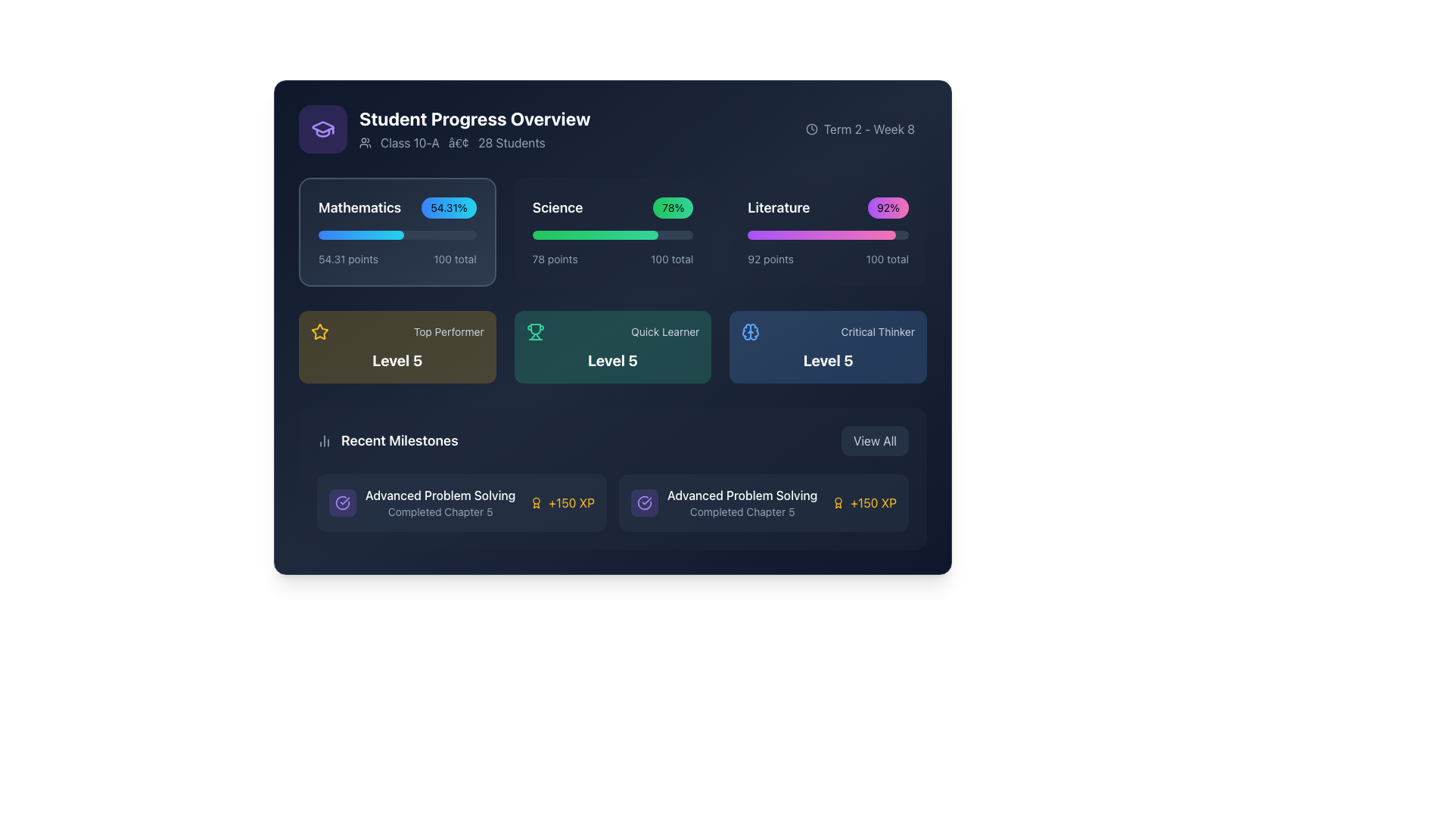 The width and height of the screenshot is (1453, 817). Describe the element at coordinates (359, 207) in the screenshot. I see `the 'Mathematics' text label, which is a bold, white font against a dark background, positioned in the first column of subject progress indicators beside the '54.31%' percentage label` at that location.